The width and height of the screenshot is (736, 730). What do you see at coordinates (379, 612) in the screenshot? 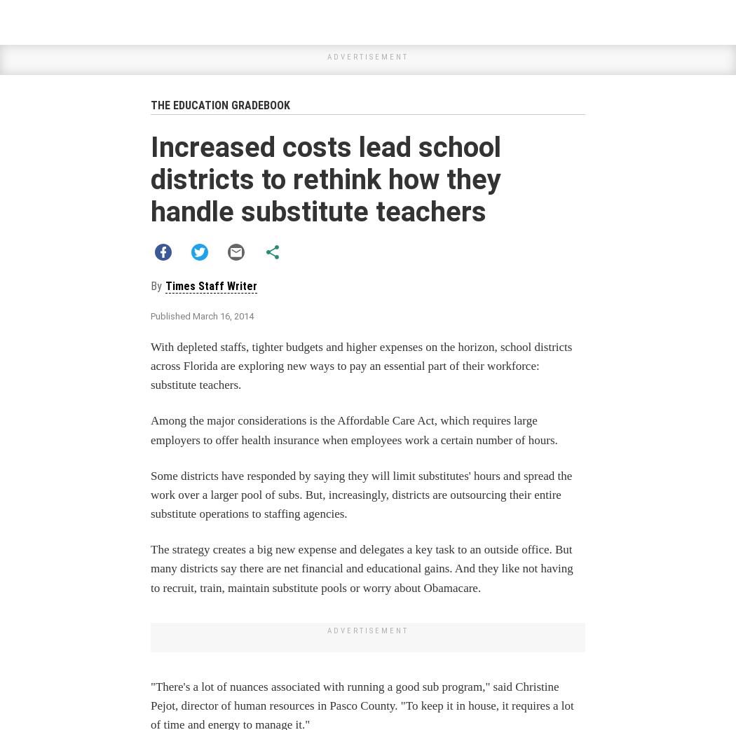
I see `'Oct. 29'` at bounding box center [379, 612].